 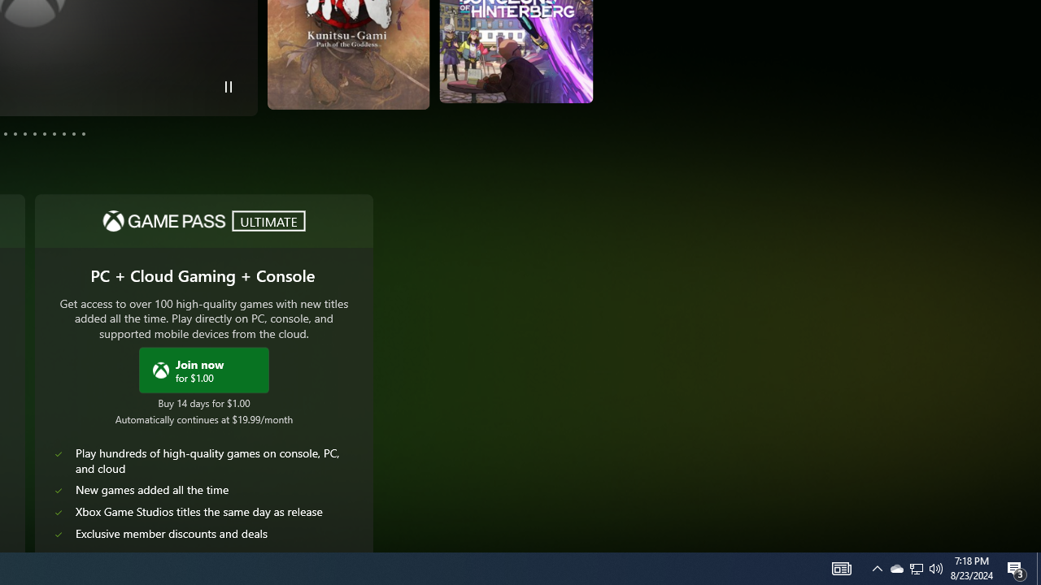 What do you see at coordinates (227, 86) in the screenshot?
I see `'Pause Trailer'` at bounding box center [227, 86].